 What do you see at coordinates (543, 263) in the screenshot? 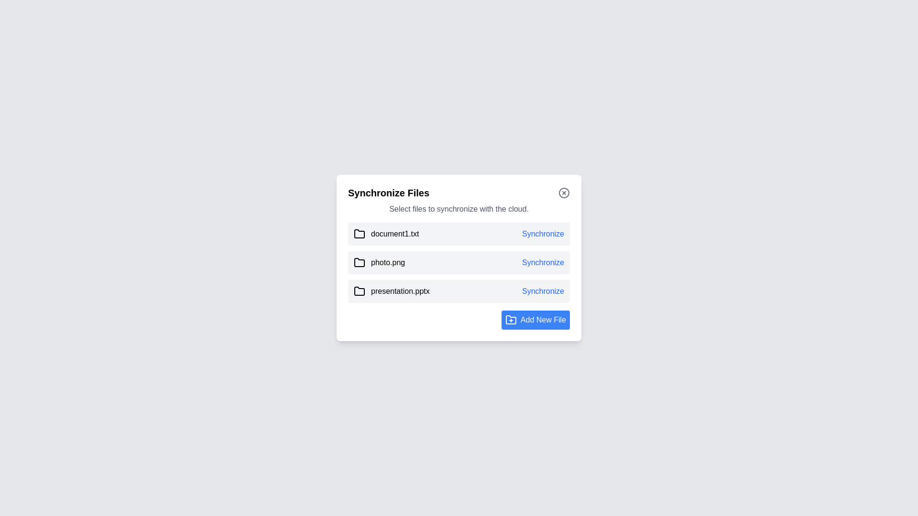
I see `the 'Synchronize' button for the file photo.png` at bounding box center [543, 263].